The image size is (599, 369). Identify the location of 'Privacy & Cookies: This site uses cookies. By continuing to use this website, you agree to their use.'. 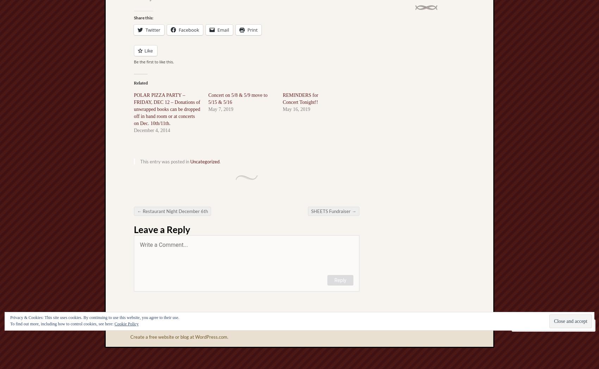
(94, 317).